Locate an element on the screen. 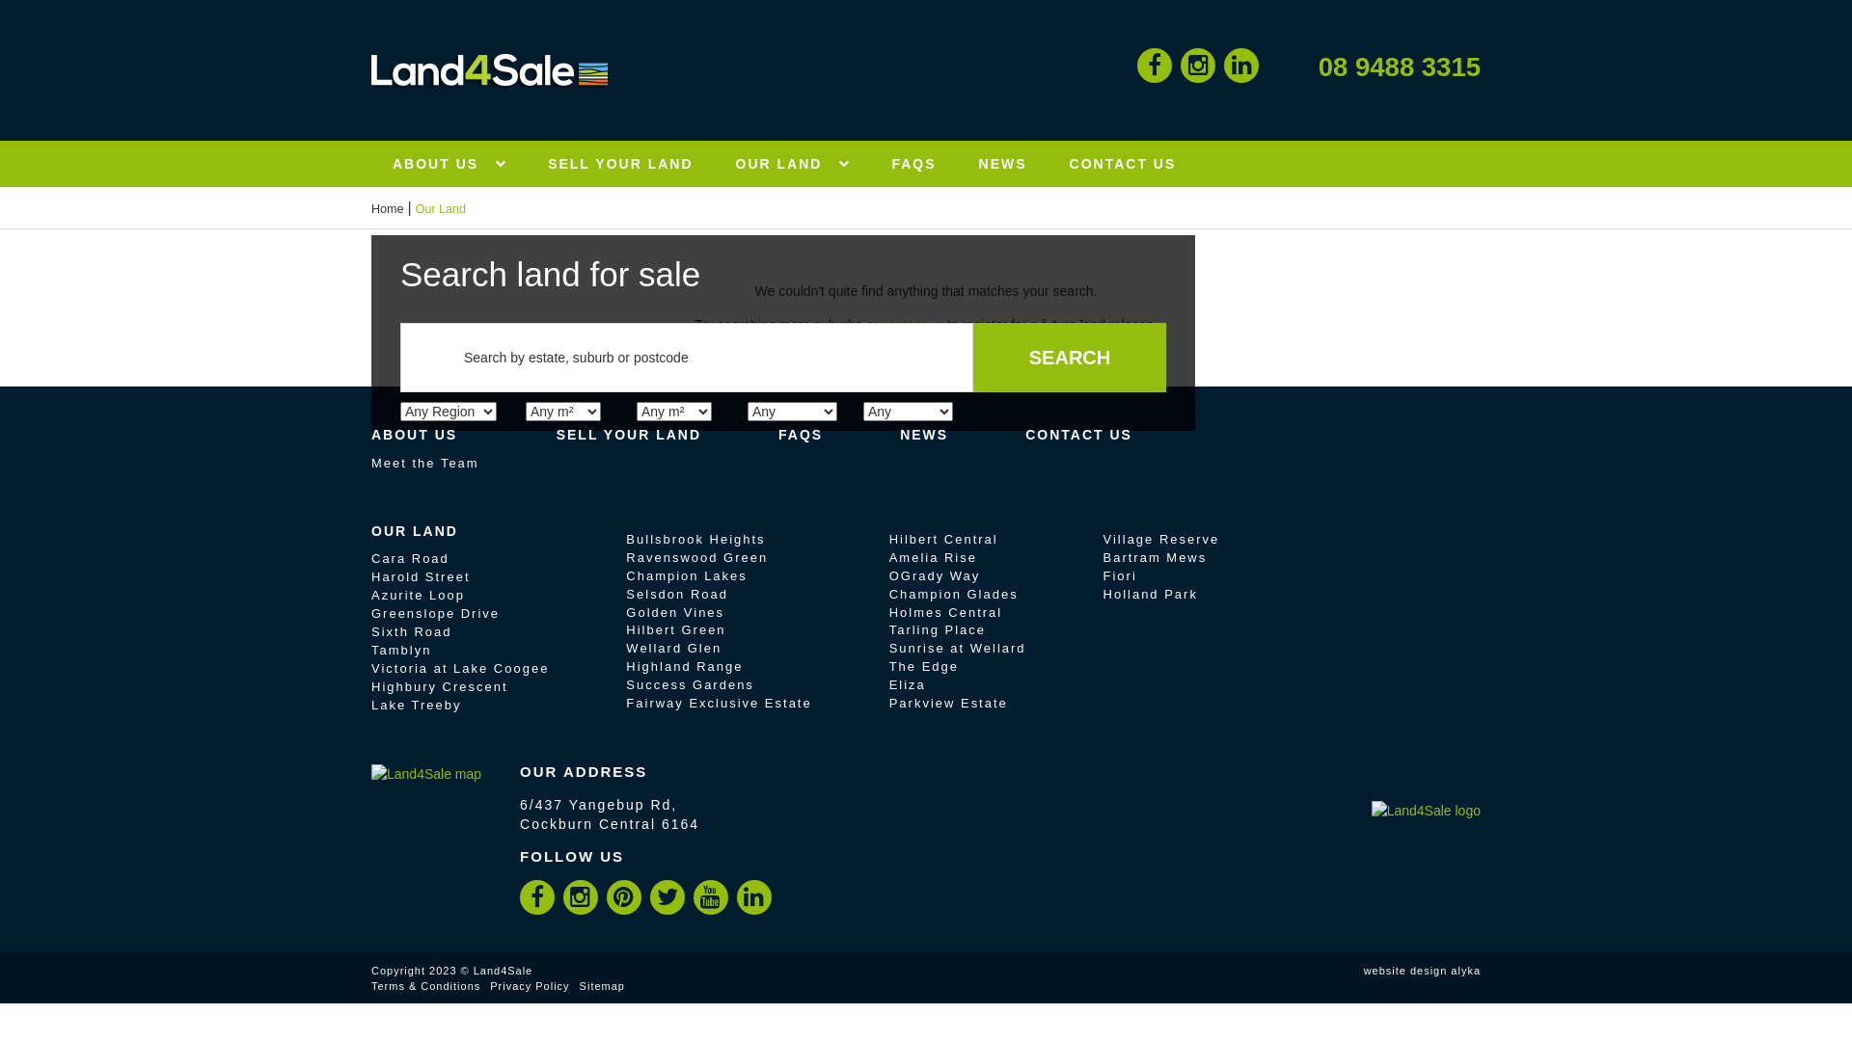  'Amelia Rise' is located at coordinates (887, 557).